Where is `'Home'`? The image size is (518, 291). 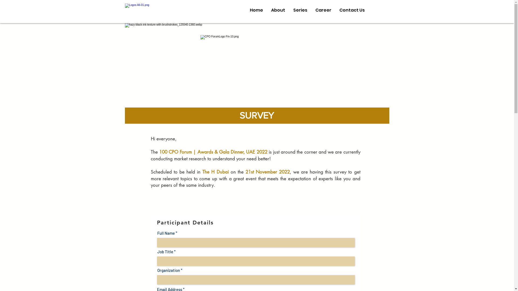 'Home' is located at coordinates (256, 10).